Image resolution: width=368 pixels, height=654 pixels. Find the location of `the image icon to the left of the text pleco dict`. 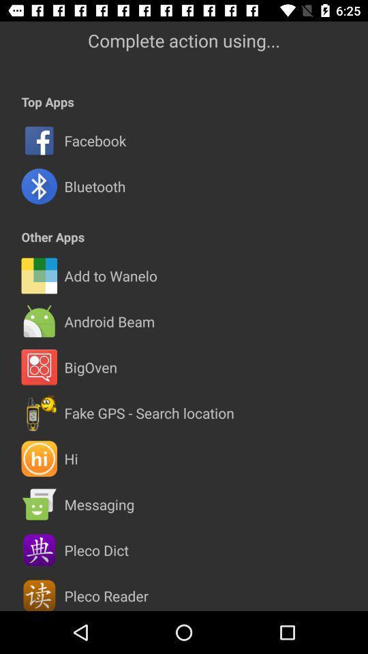

the image icon to the left of the text pleco dict is located at coordinates (39, 550).